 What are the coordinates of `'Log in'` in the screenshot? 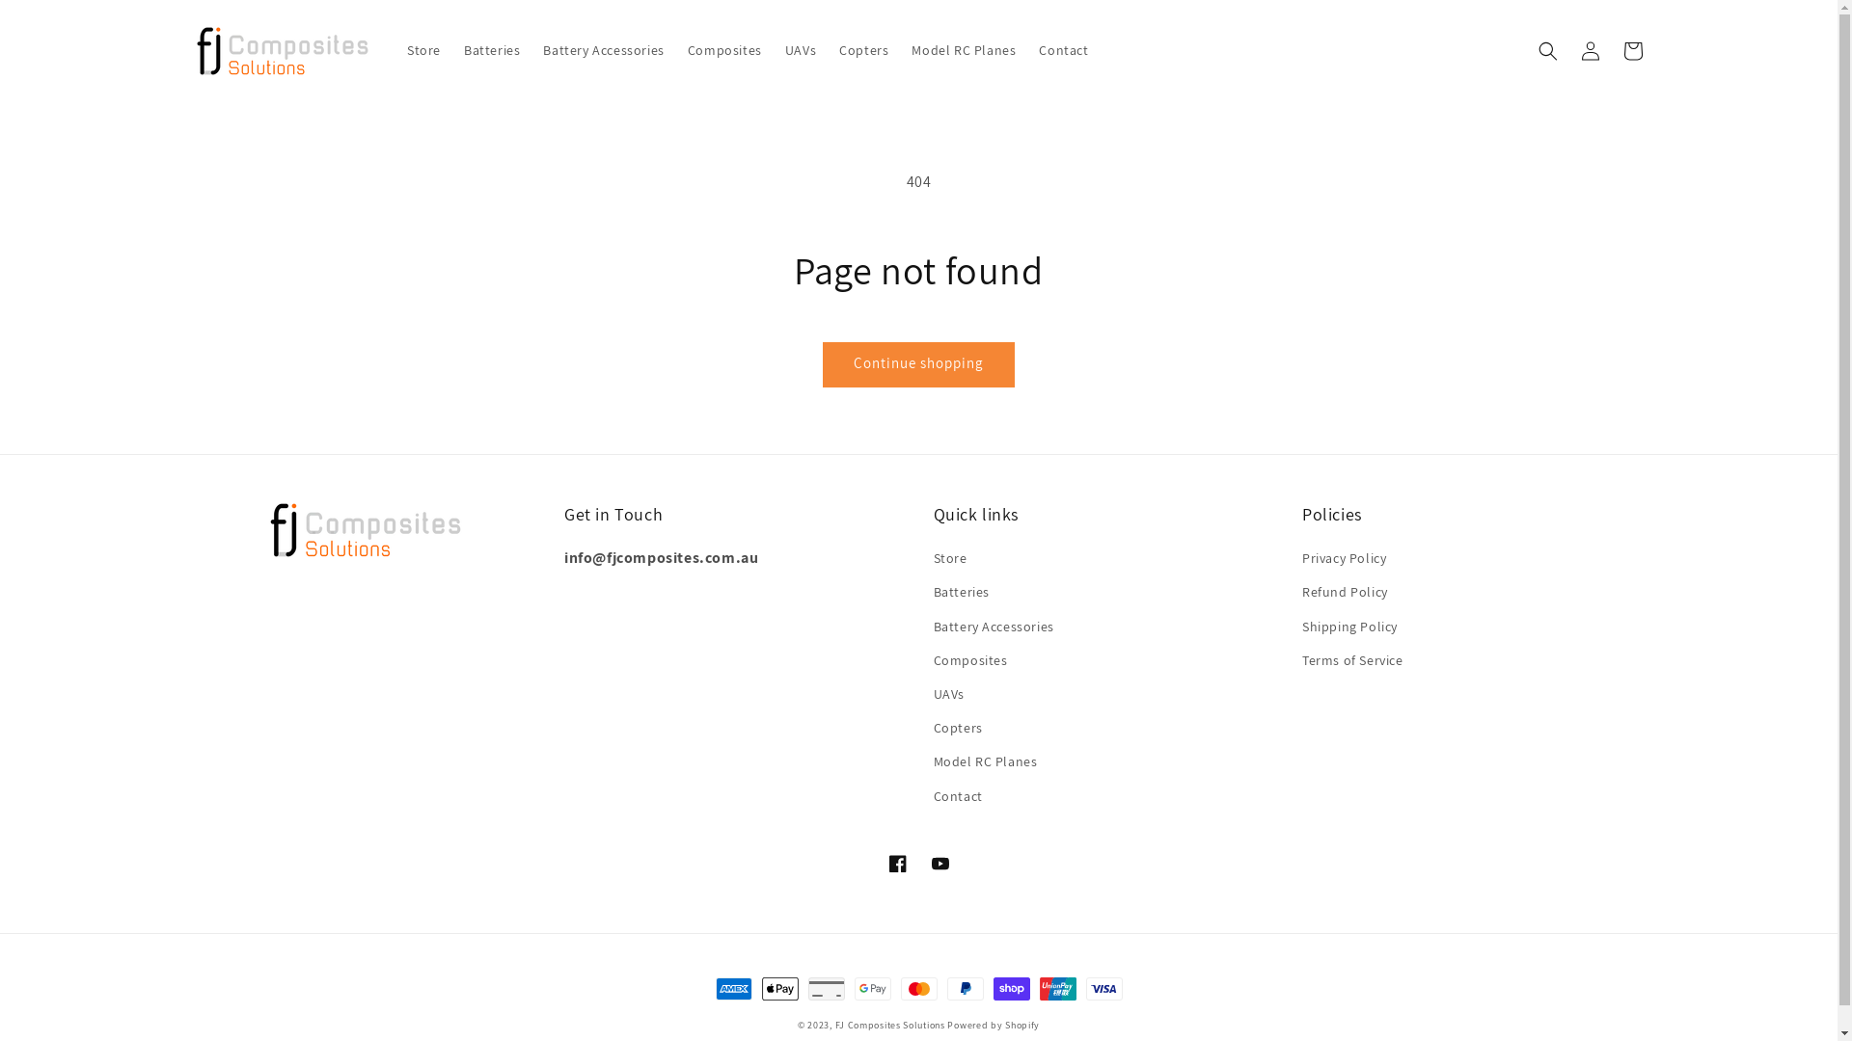 It's located at (1568, 48).